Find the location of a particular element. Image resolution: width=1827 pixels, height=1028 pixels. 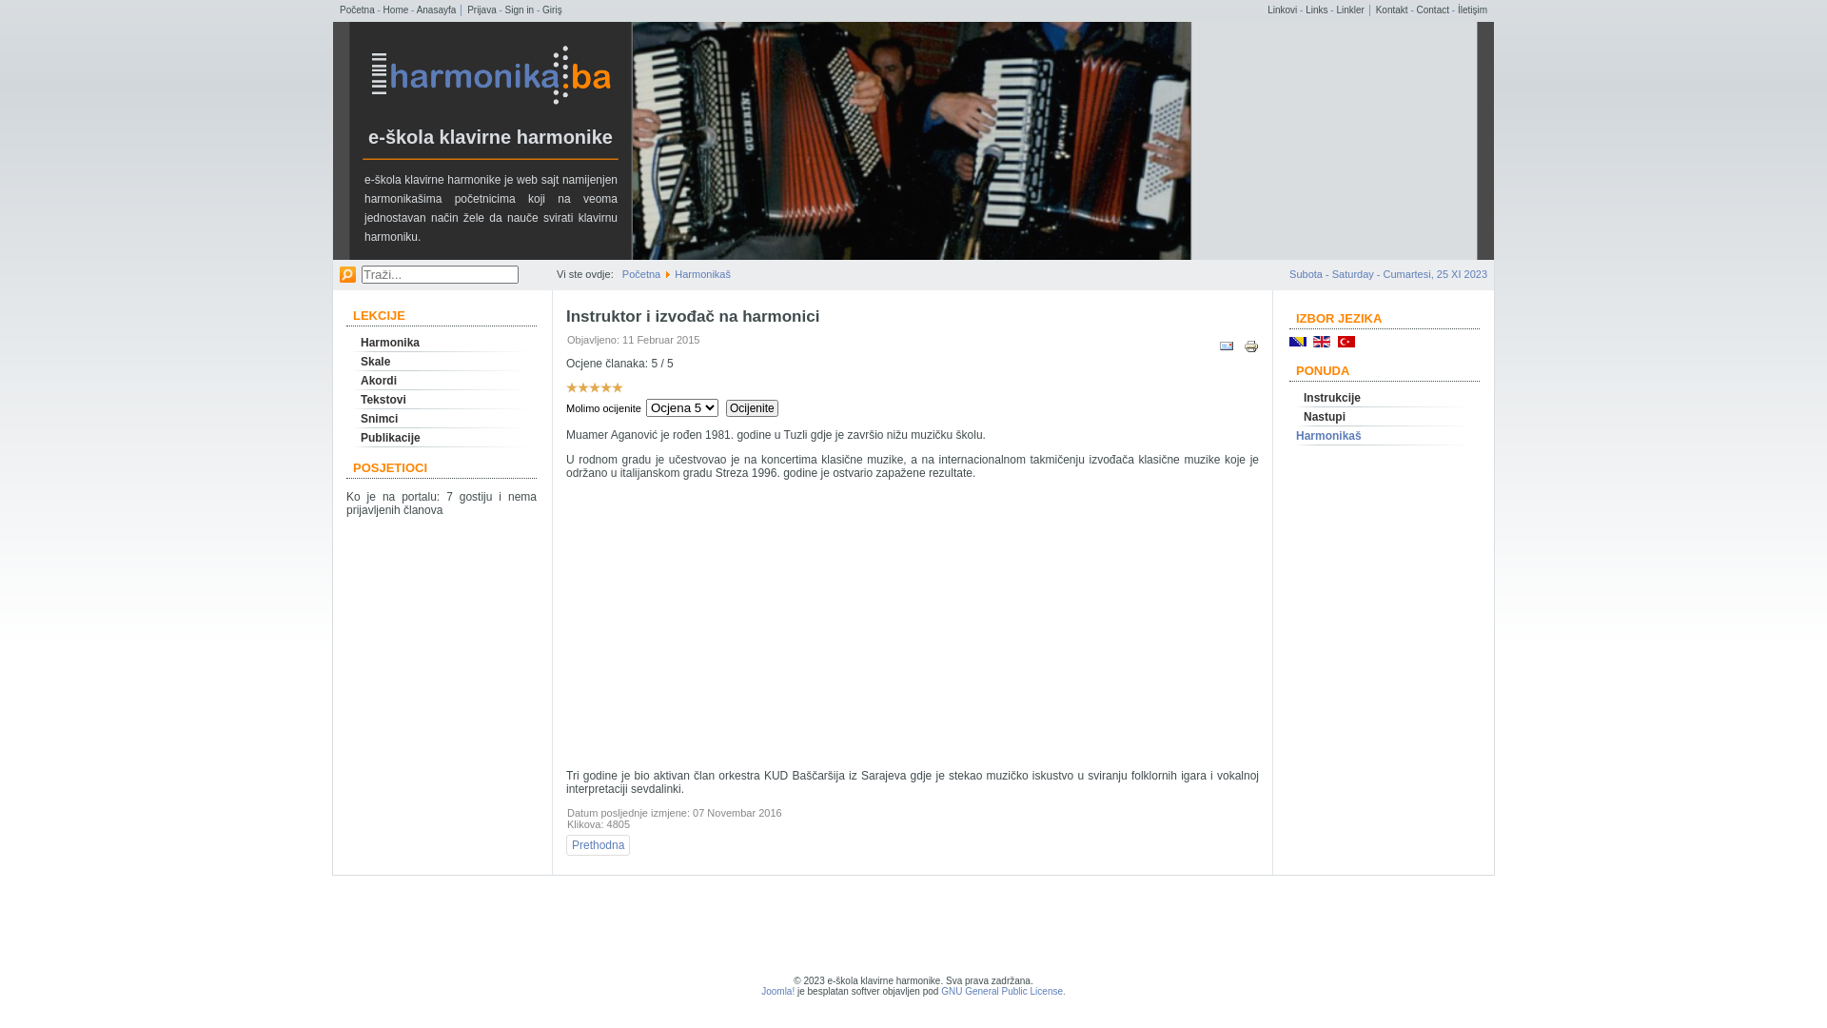

'Joomla!' is located at coordinates (777, 990).